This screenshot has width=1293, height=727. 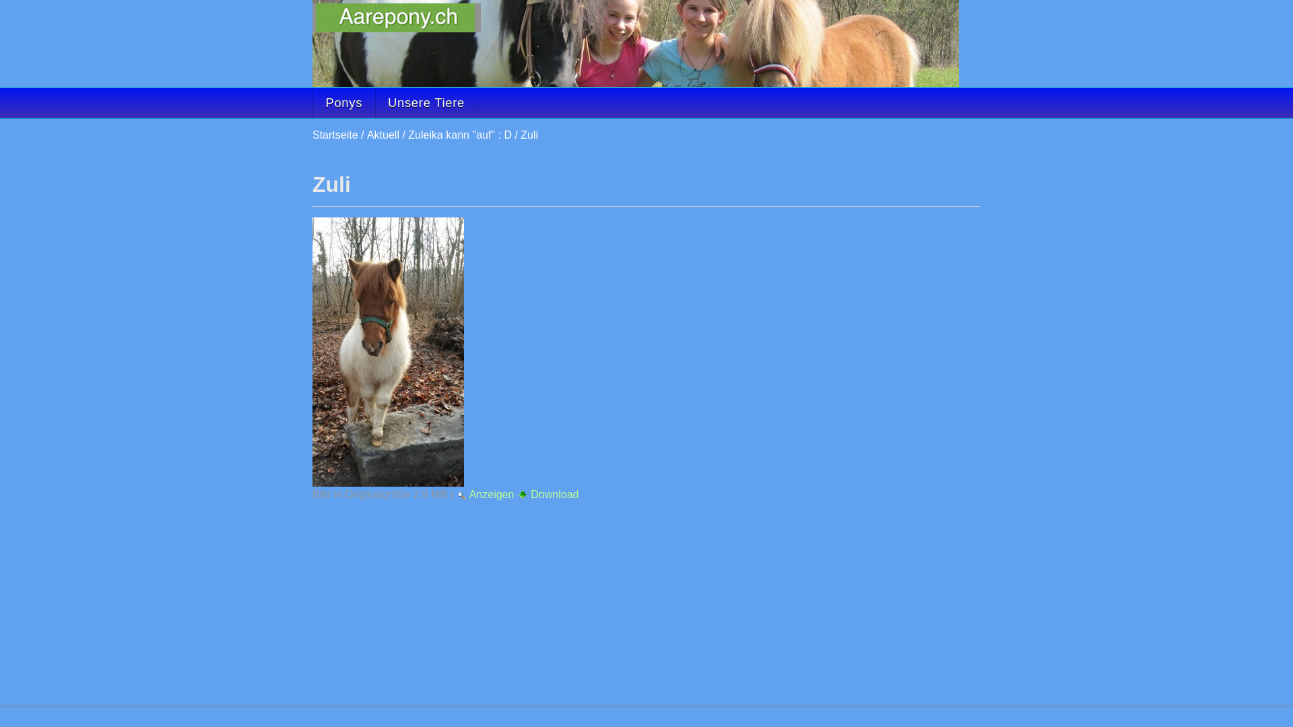 I want to click on 'Bild anzeigen', so click(x=461, y=495).